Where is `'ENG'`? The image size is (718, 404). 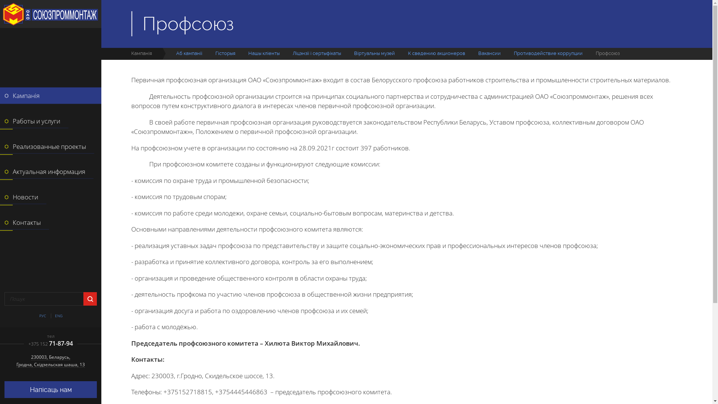
'ENG' is located at coordinates (58, 316).